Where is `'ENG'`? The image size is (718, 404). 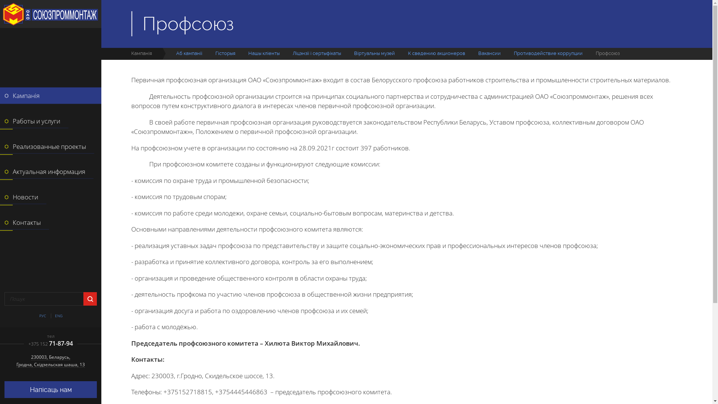
'ENG' is located at coordinates (58, 316).